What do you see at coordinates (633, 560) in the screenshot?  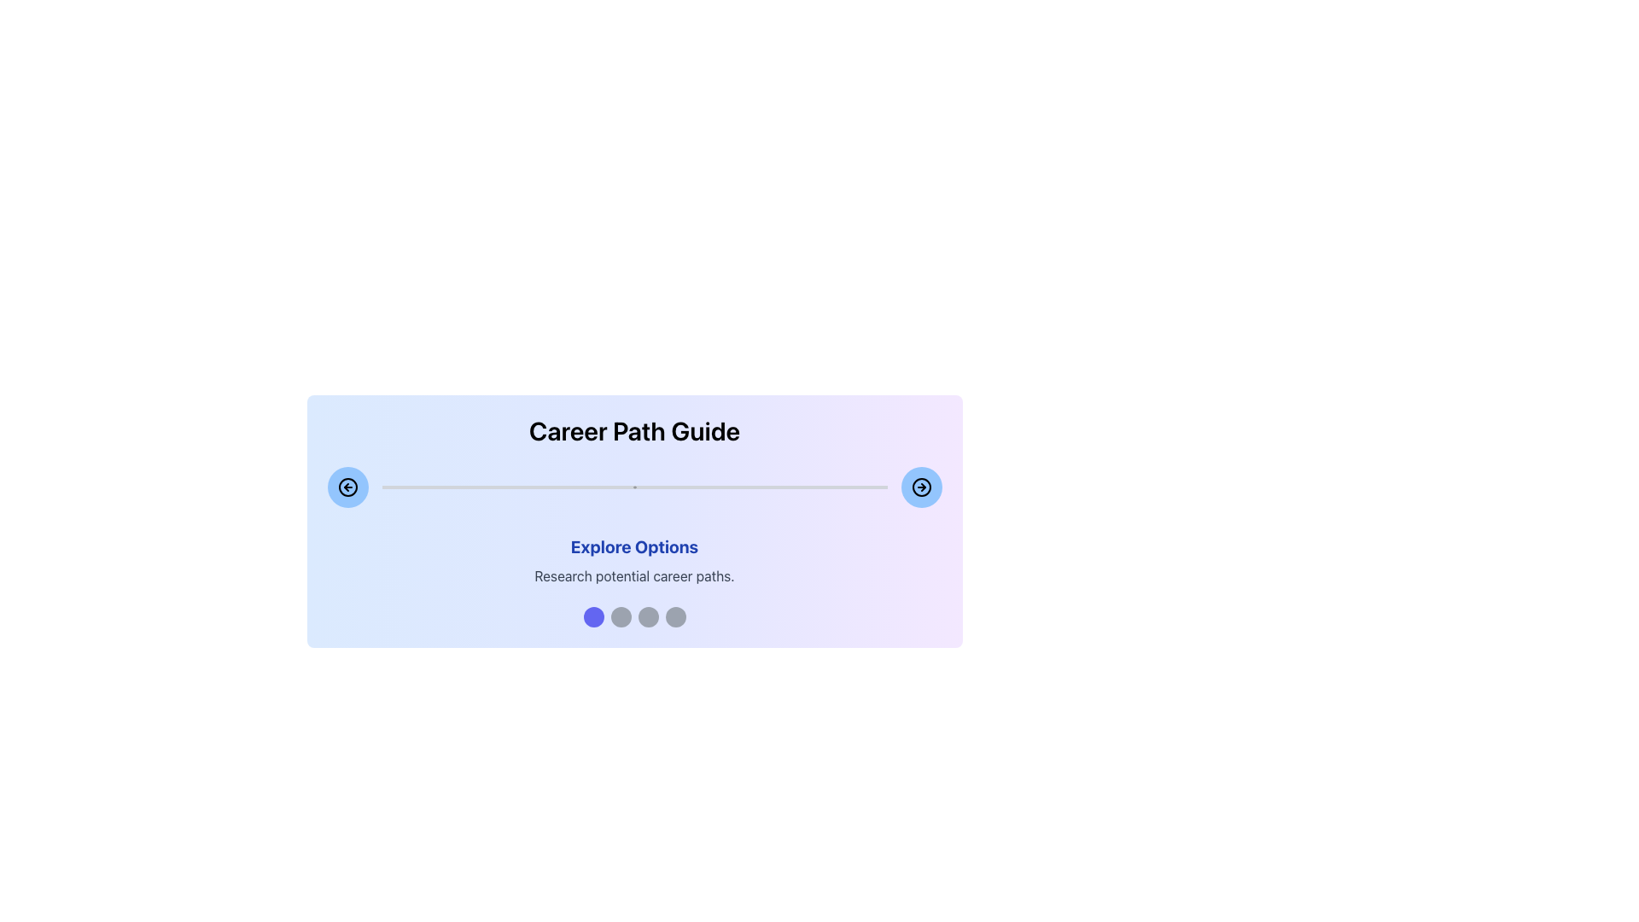 I see `the Informational Text Component that introduces the action 'Explore Options' and provides the description 'Research potential career paths.'` at bounding box center [633, 560].